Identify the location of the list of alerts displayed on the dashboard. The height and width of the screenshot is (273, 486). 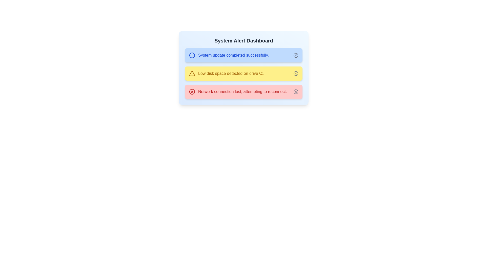
(244, 73).